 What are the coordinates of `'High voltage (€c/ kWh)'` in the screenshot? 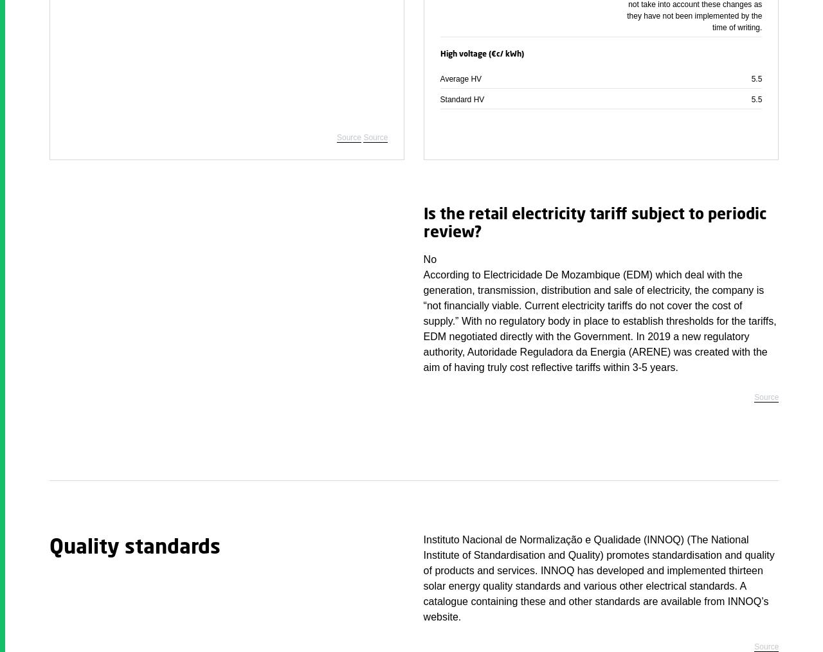 It's located at (481, 53).